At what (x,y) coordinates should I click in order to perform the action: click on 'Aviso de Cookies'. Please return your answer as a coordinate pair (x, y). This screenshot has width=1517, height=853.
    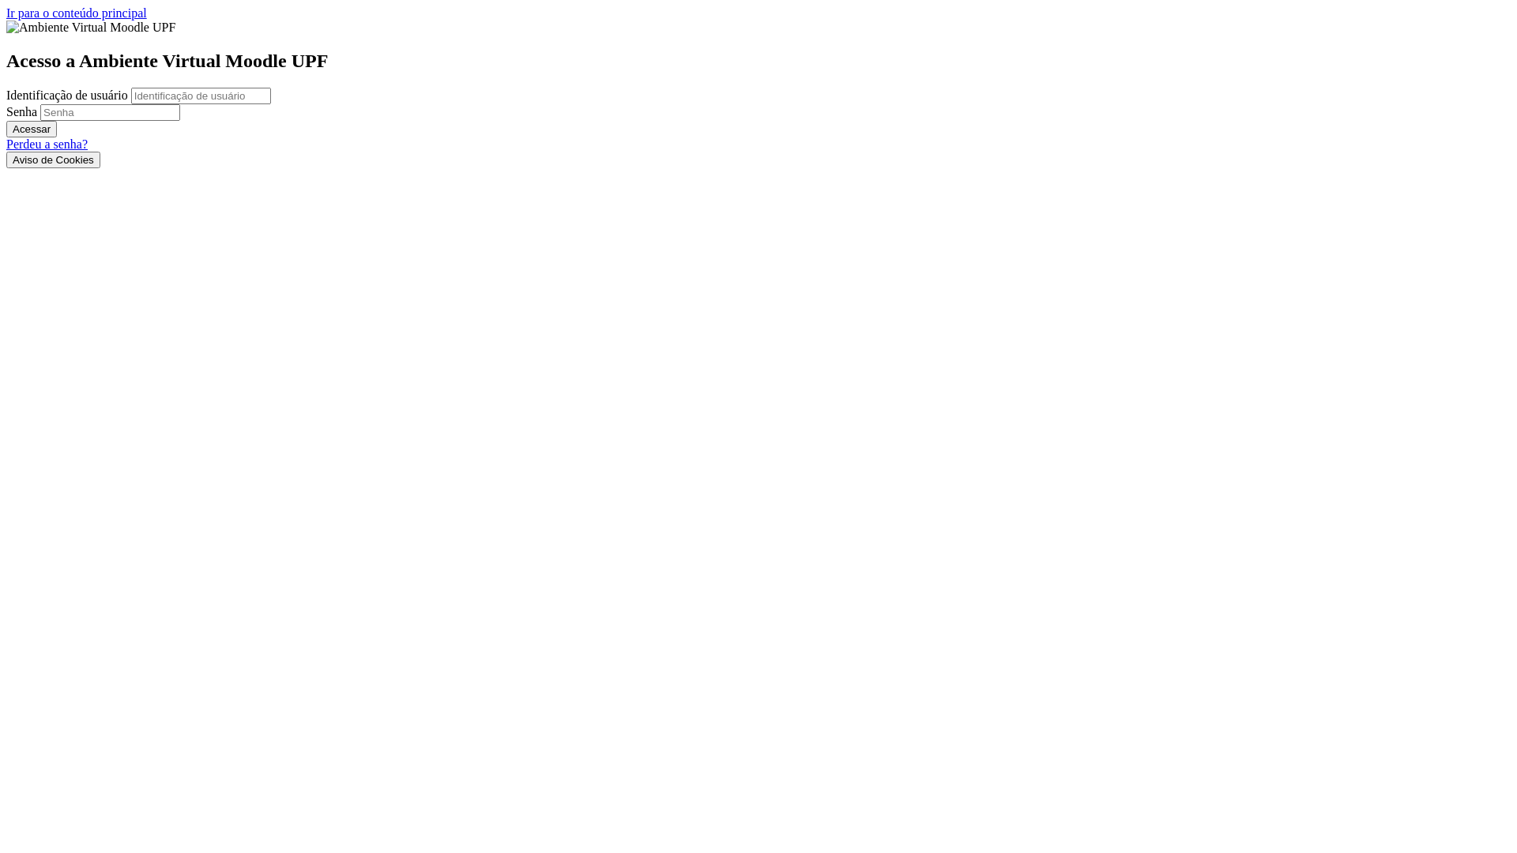
    Looking at the image, I should click on (53, 160).